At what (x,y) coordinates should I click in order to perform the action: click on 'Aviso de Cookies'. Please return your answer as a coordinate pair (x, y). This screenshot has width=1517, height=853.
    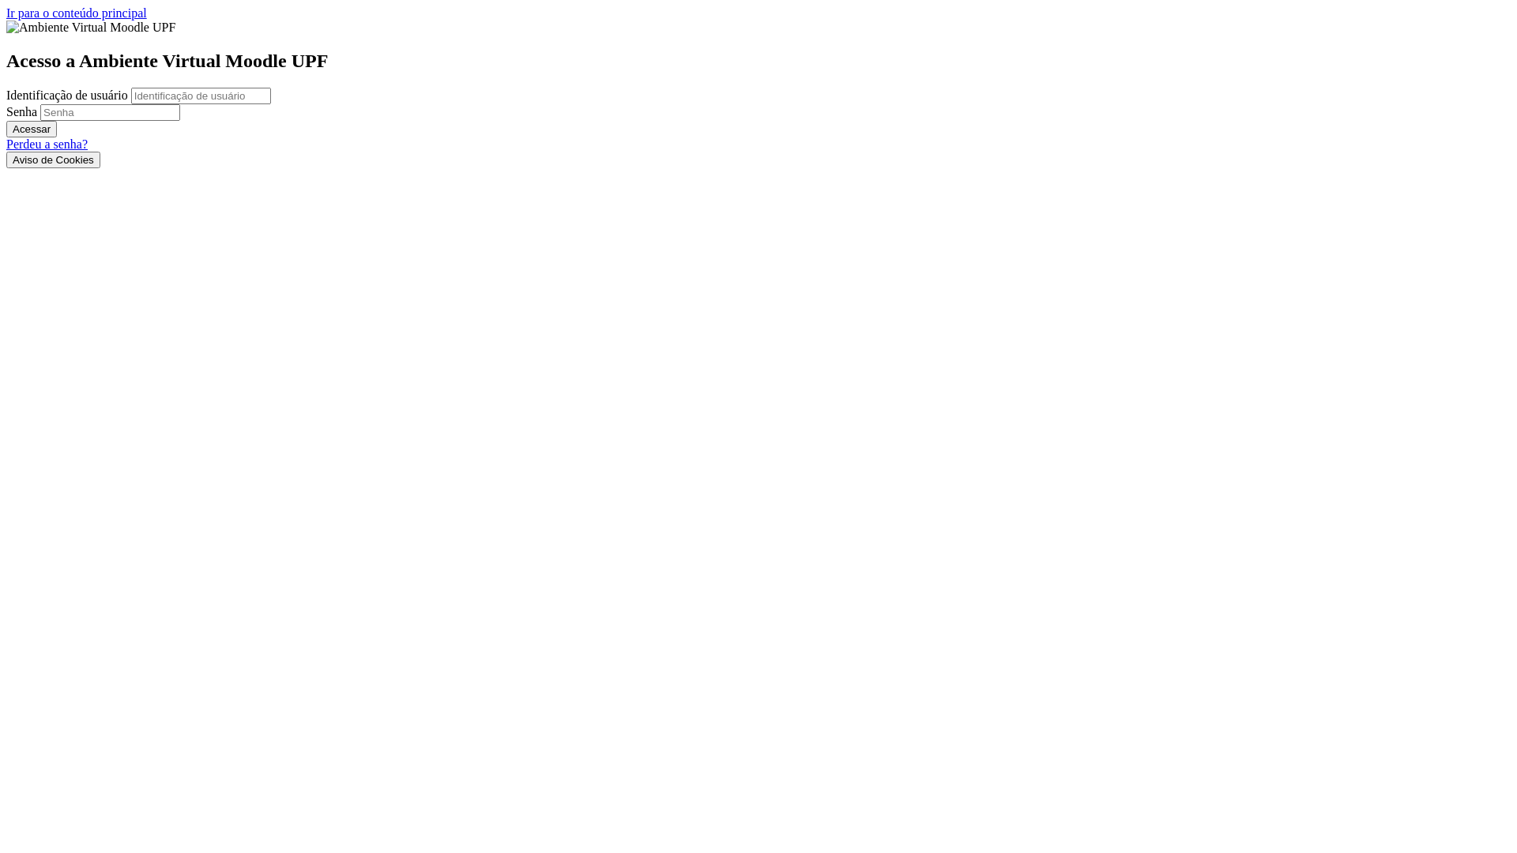
    Looking at the image, I should click on (53, 160).